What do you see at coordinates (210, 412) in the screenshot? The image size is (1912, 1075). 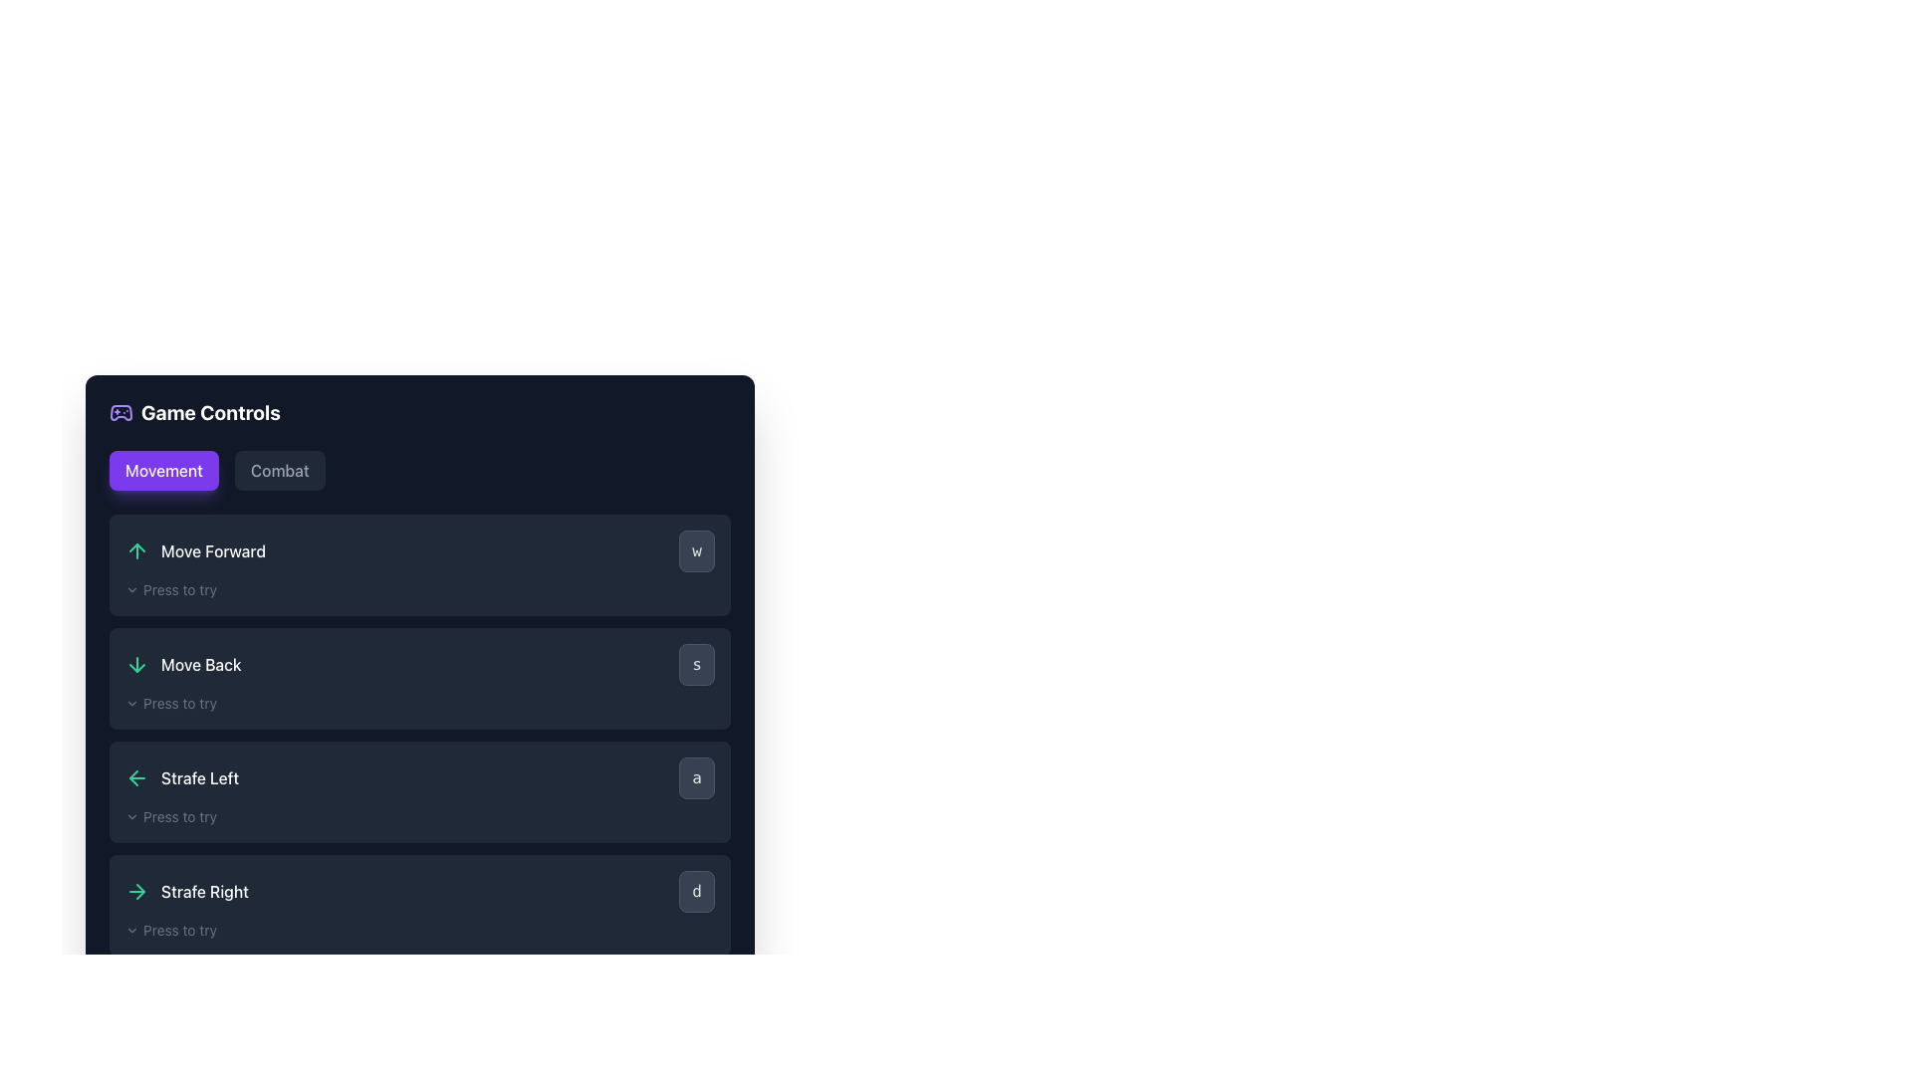 I see `the 'Game Controls' section header label, which is located to the right of a game controller icon in the upper-left corner of the interface` at bounding box center [210, 412].